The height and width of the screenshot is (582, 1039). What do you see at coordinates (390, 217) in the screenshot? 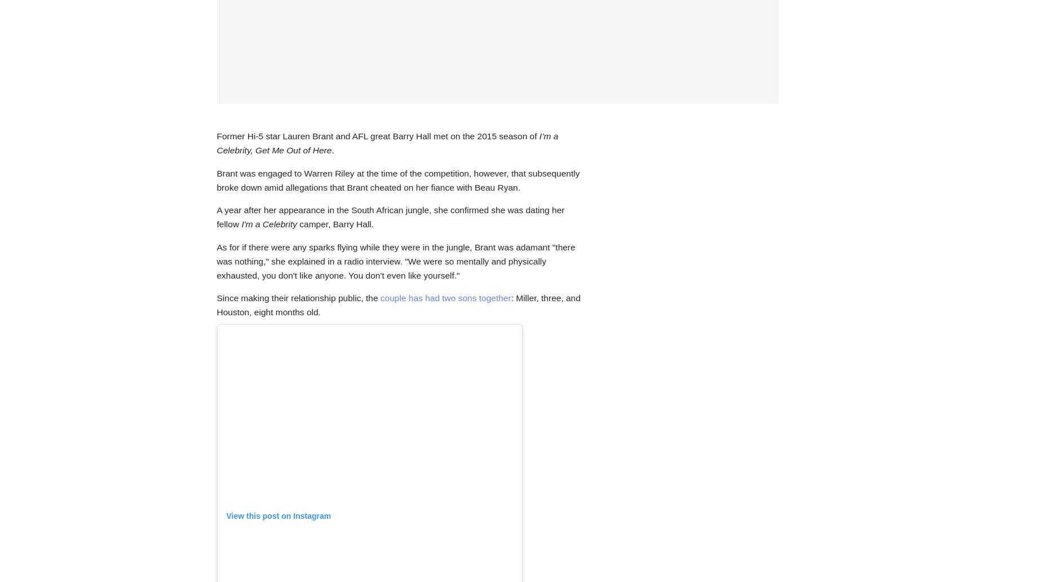
I see `'A year after her appearance in the South African jungle, she confirmed she was dating her fellow'` at bounding box center [390, 217].